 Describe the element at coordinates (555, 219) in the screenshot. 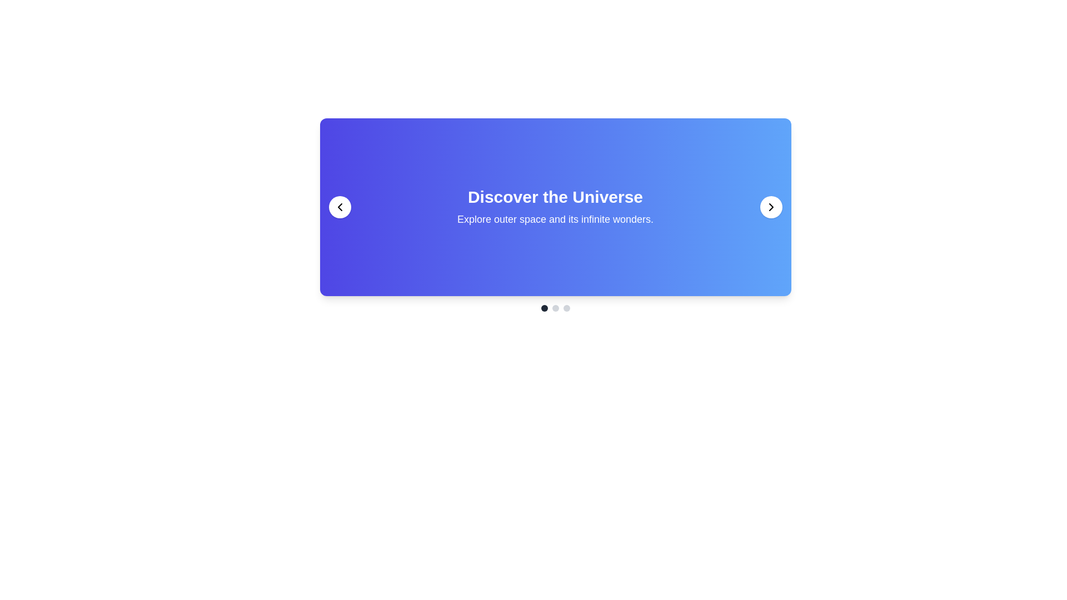

I see `text displayed in the Text Display element that contains 'Explore outer space and its infinite wonders.' positioned below the headline 'Discover the Universe.'` at that location.